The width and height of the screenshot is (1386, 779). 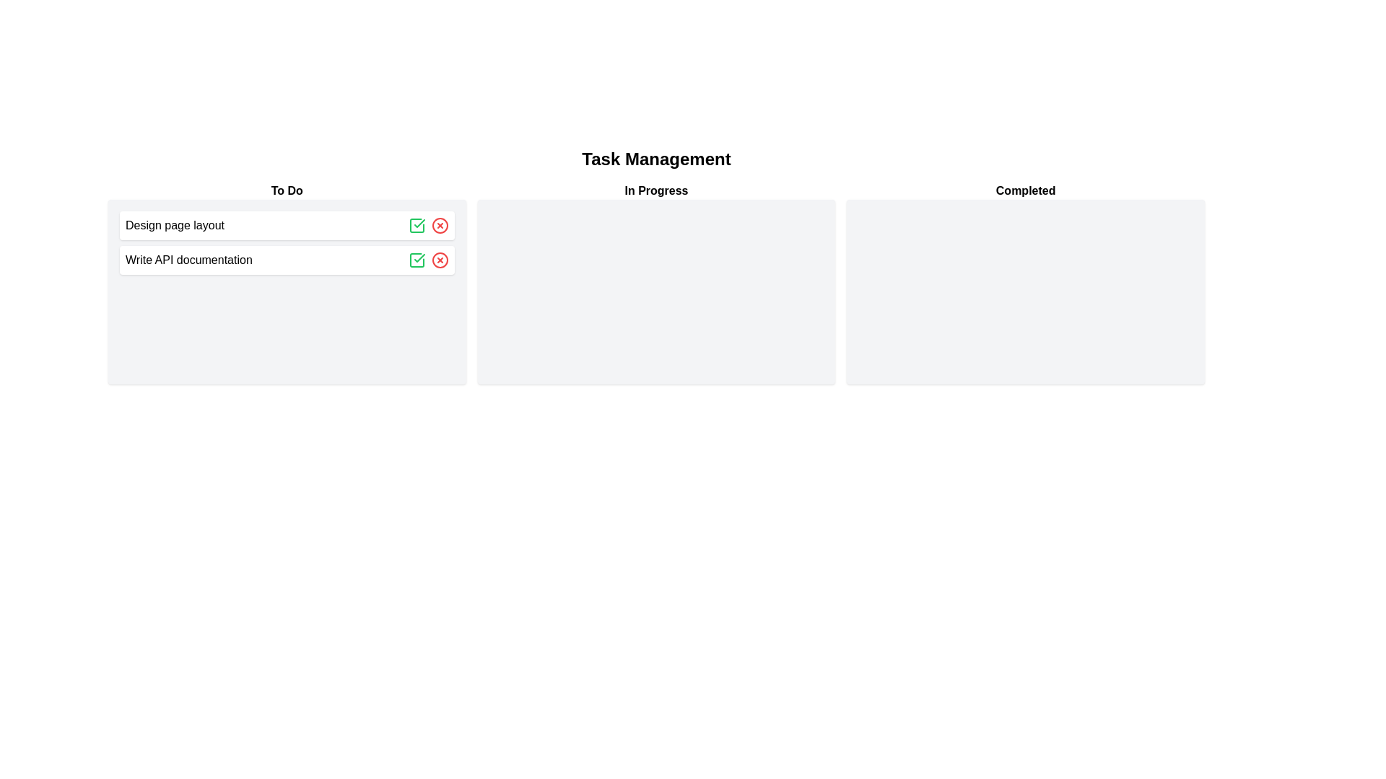 I want to click on the header labeled 'In Progress' to interact with it, so click(x=655, y=190).